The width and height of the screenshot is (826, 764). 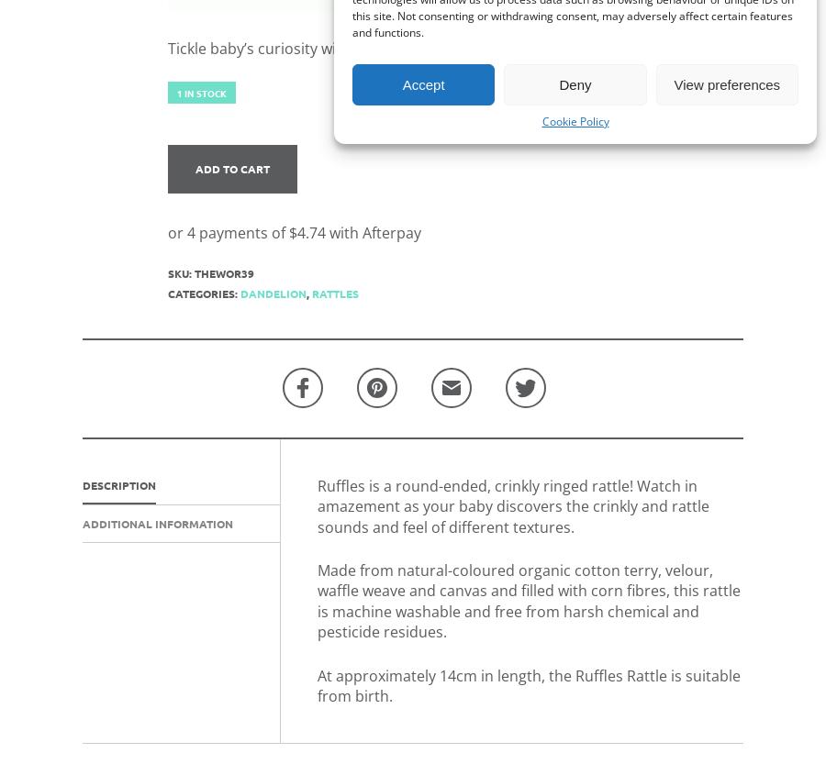 I want to click on 'dandelion', so click(x=272, y=292).